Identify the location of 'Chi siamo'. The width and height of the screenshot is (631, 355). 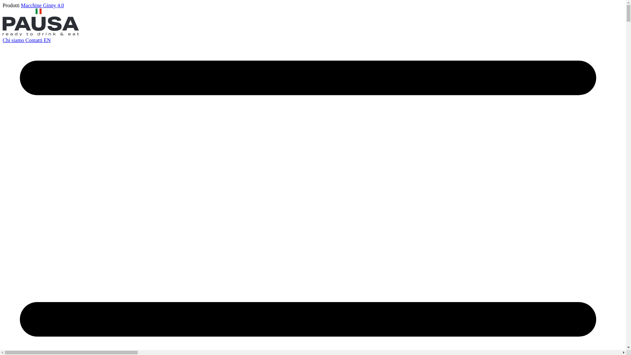
(3, 40).